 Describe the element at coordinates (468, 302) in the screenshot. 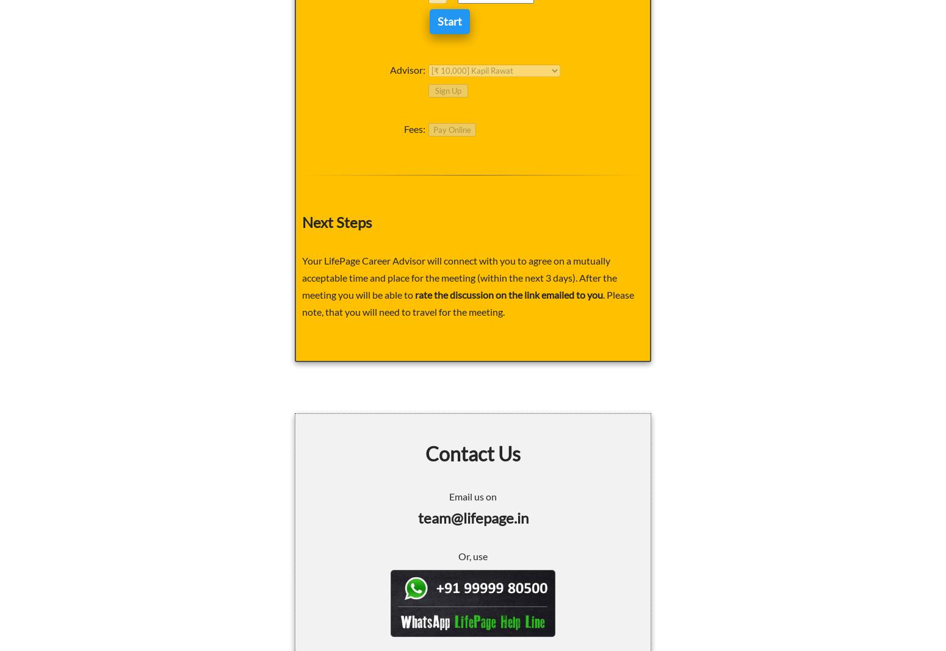

I see `'. Please note, that you will need to travel for the meeting.'` at that location.